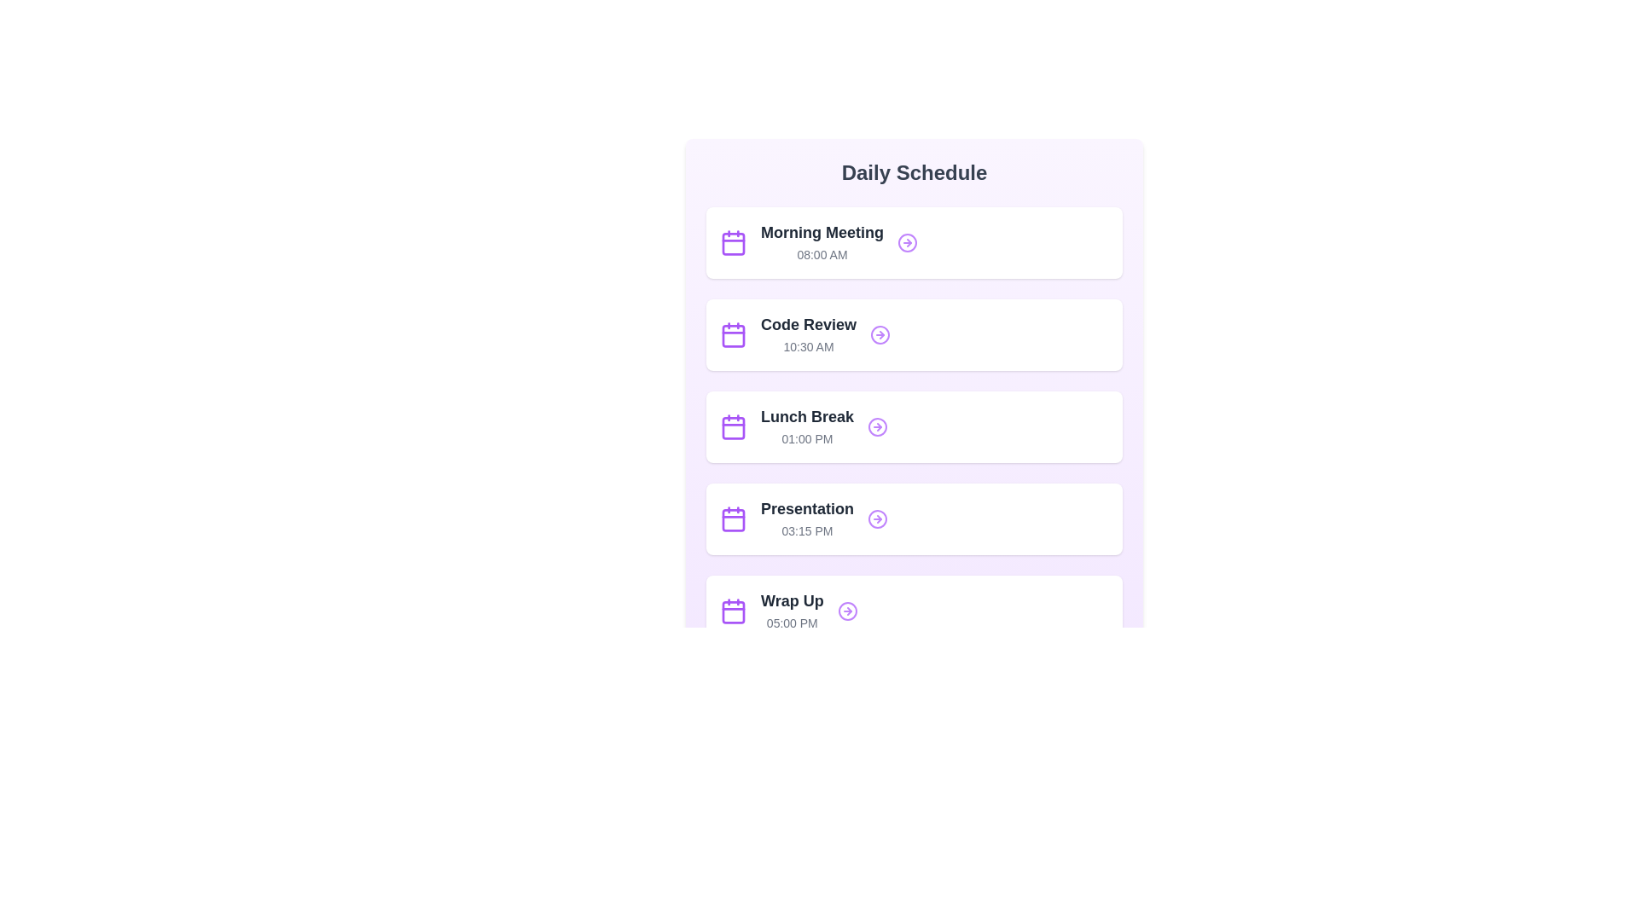 This screenshot has height=921, width=1638. What do you see at coordinates (913, 243) in the screenshot?
I see `the purple circular arrow icon in the first row of the 'Daily Schedule' section, which is a List item with a white background, purple calendar icon, bold text 'Morning Meeting', and time '08:00 AM'` at bounding box center [913, 243].